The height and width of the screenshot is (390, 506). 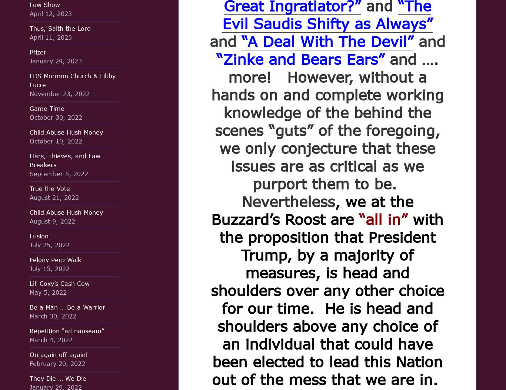 I want to click on 'Pfizer', so click(x=30, y=52).